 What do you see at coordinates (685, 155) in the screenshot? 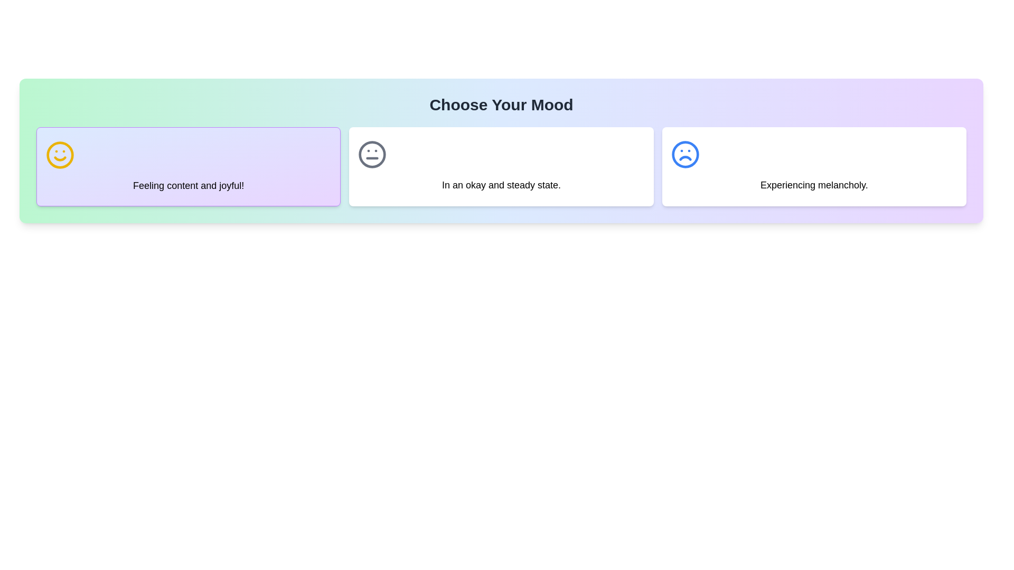
I see `circular SVG graphic element with a blue stroke, centered within the sad emoji icon, located in the rightmost panel of the mood options` at bounding box center [685, 155].